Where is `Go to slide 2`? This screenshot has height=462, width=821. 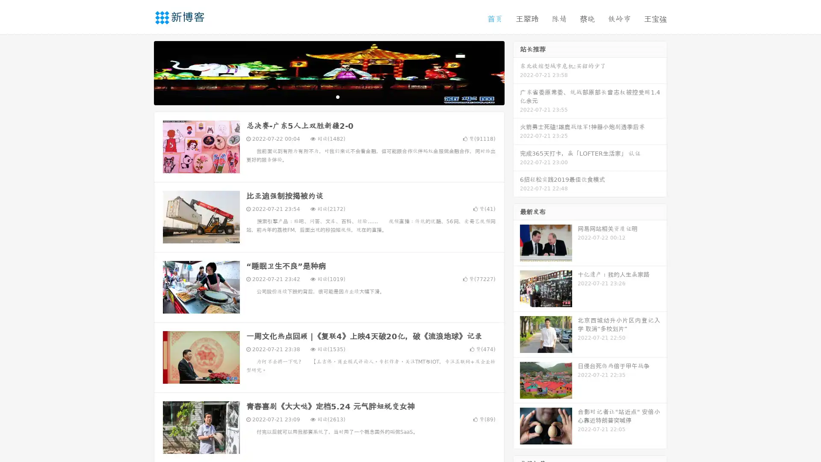 Go to slide 2 is located at coordinates (328, 96).